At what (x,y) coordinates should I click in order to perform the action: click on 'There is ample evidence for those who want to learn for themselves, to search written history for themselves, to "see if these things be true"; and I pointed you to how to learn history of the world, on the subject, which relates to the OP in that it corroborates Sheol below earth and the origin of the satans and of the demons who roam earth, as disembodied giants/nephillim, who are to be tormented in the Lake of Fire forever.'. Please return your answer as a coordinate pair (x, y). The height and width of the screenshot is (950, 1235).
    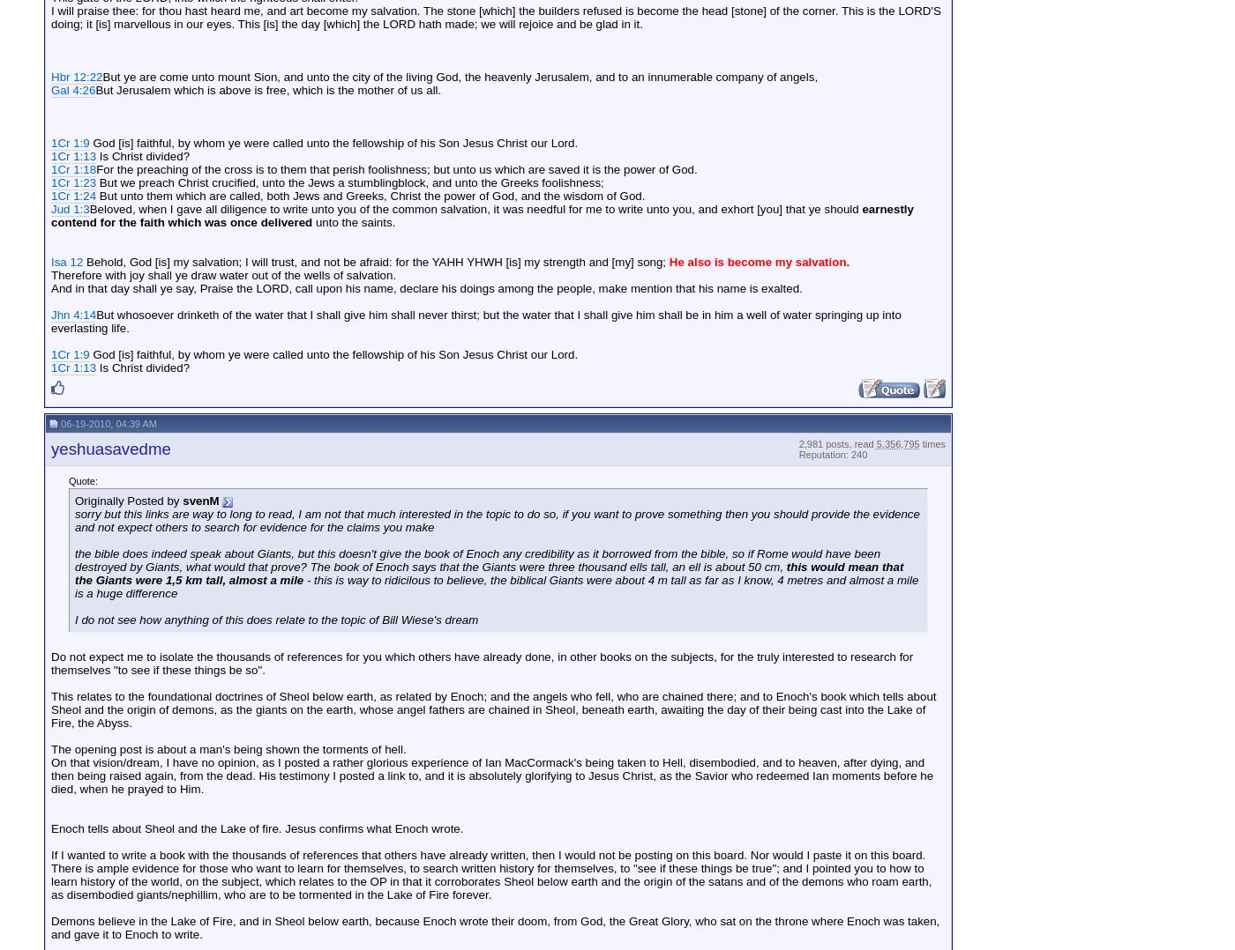
    Looking at the image, I should click on (491, 881).